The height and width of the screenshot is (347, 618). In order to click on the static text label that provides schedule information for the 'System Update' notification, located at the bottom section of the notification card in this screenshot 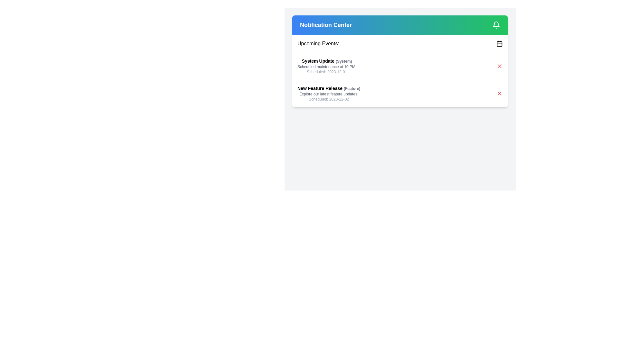, I will do `click(327, 72)`.